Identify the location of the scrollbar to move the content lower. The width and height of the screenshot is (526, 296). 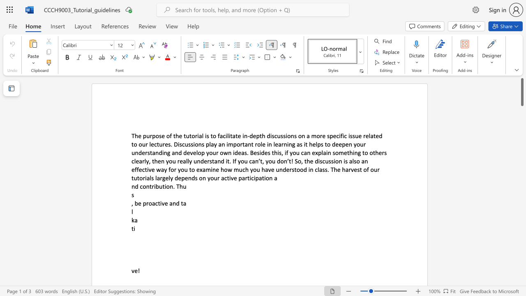
(521, 119).